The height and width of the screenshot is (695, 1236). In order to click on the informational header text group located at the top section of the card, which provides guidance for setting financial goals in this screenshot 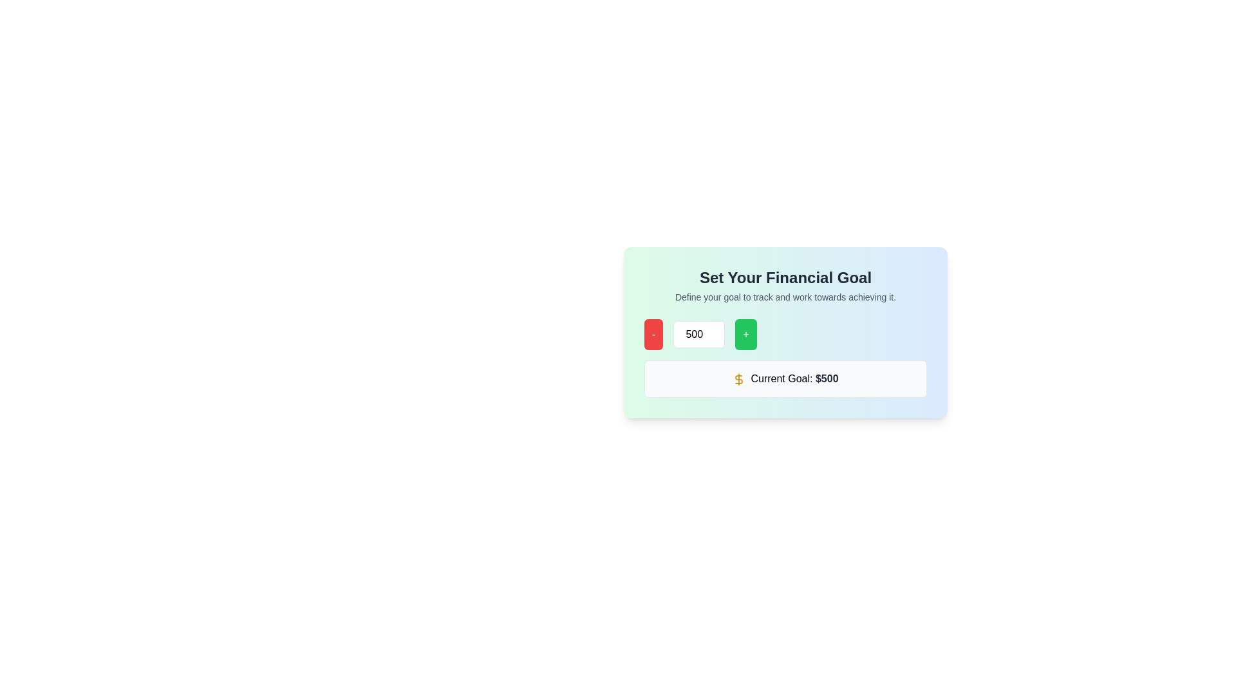, I will do `click(785, 284)`.